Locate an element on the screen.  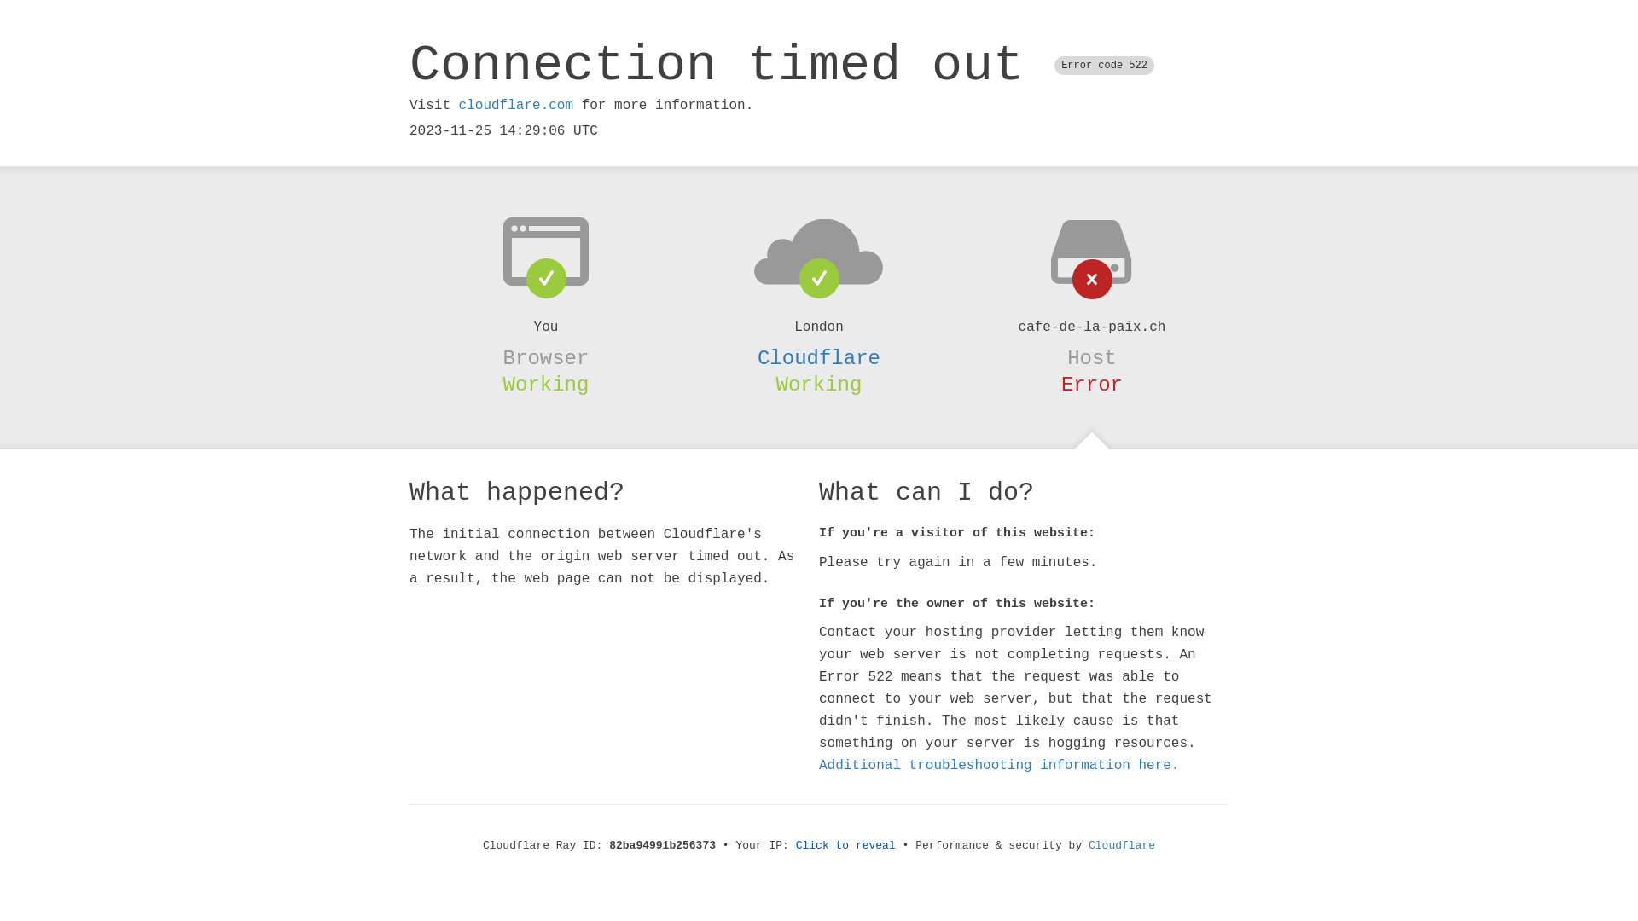
'Cloudflare' is located at coordinates (1088, 845).